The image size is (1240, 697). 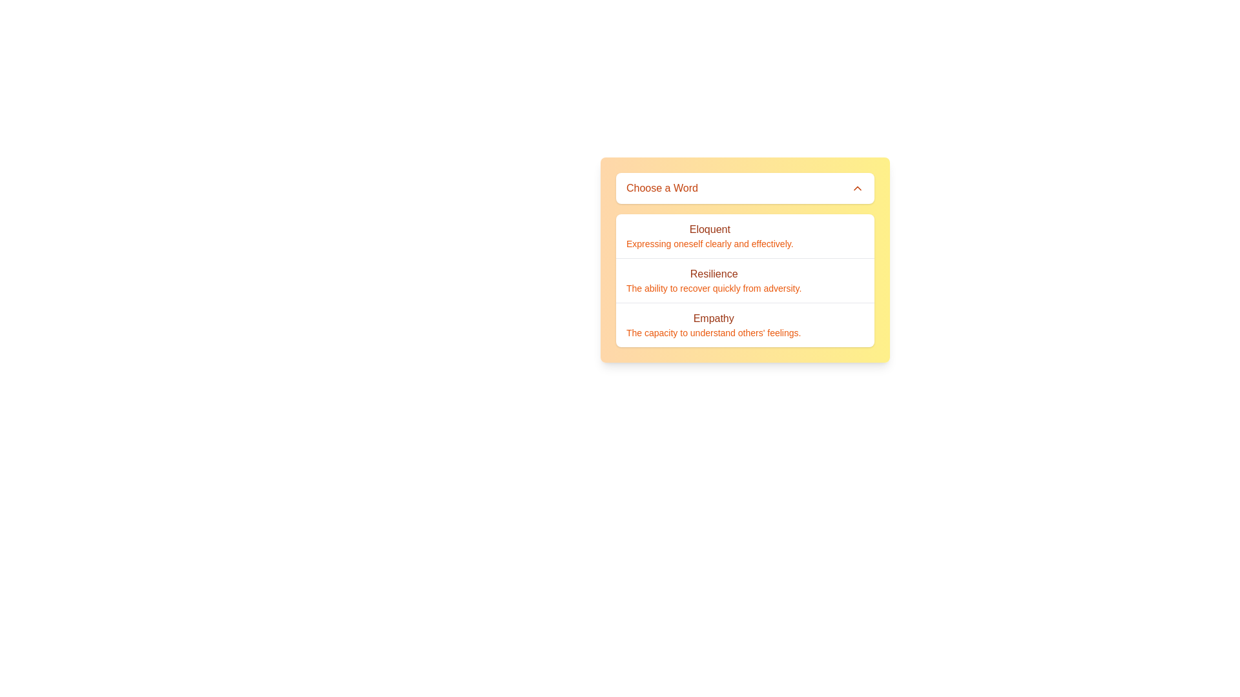 I want to click on on the 'Empathy' dropdown item, which is the last option in the list under 'Choose a Word', so click(x=713, y=325).